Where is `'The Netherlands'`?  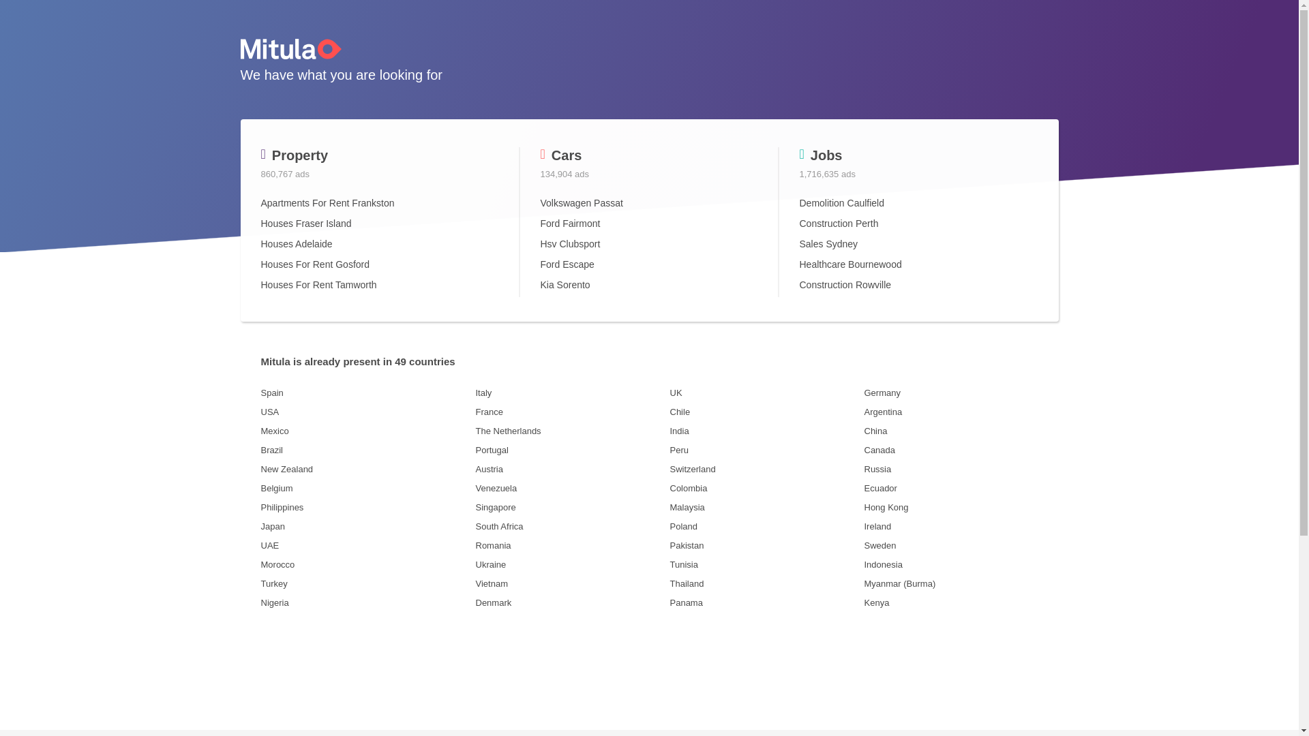 'The Netherlands' is located at coordinates (562, 431).